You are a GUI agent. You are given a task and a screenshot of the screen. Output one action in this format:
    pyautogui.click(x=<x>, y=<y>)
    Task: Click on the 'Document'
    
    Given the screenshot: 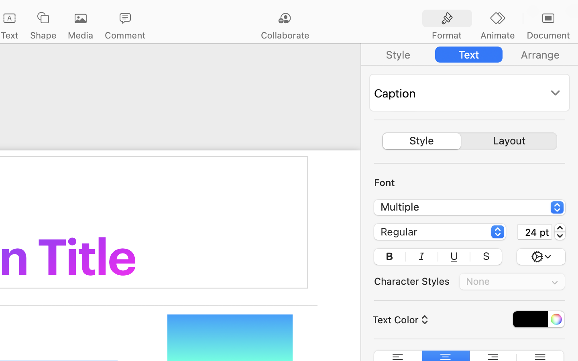 What is the action you would take?
    pyautogui.click(x=547, y=35)
    